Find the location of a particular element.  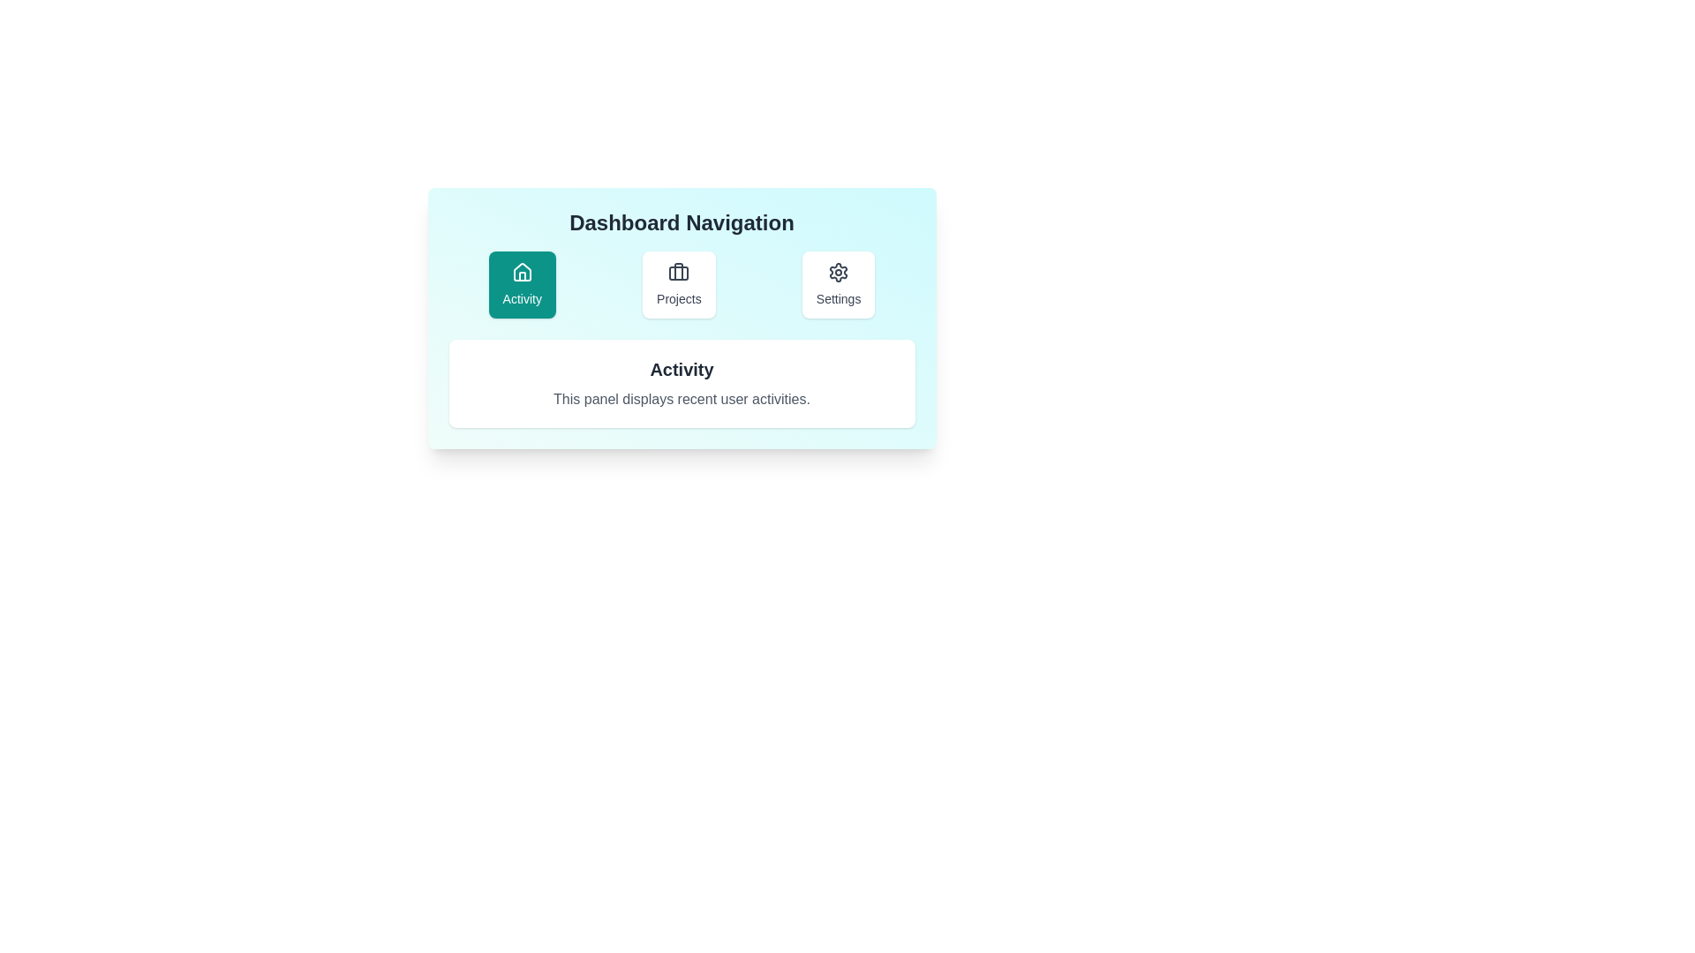

the 'Activity' label, which is positioned below the house icon in the navigation menu on the left side of the interface is located at coordinates (521, 298).